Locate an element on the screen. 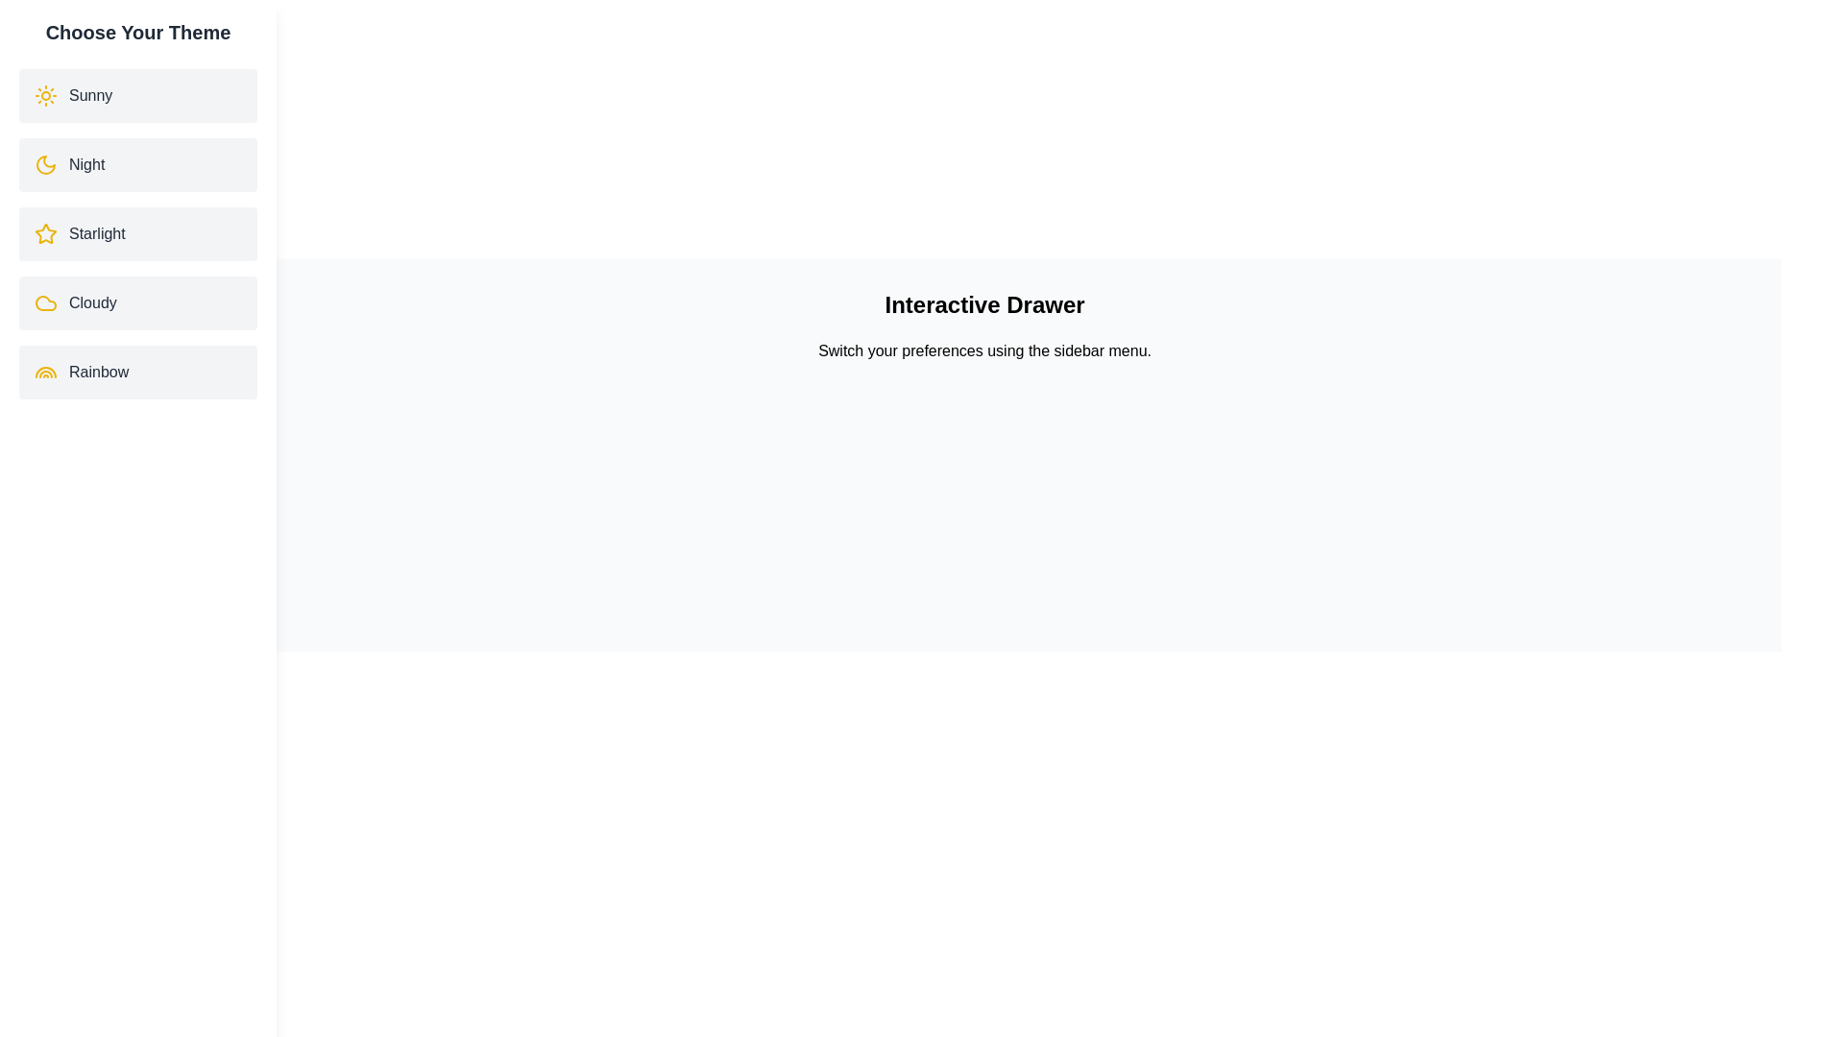 The height and width of the screenshot is (1037, 1844). the theme Rainbow by clicking on its corresponding list item is located at coordinates (137, 373).